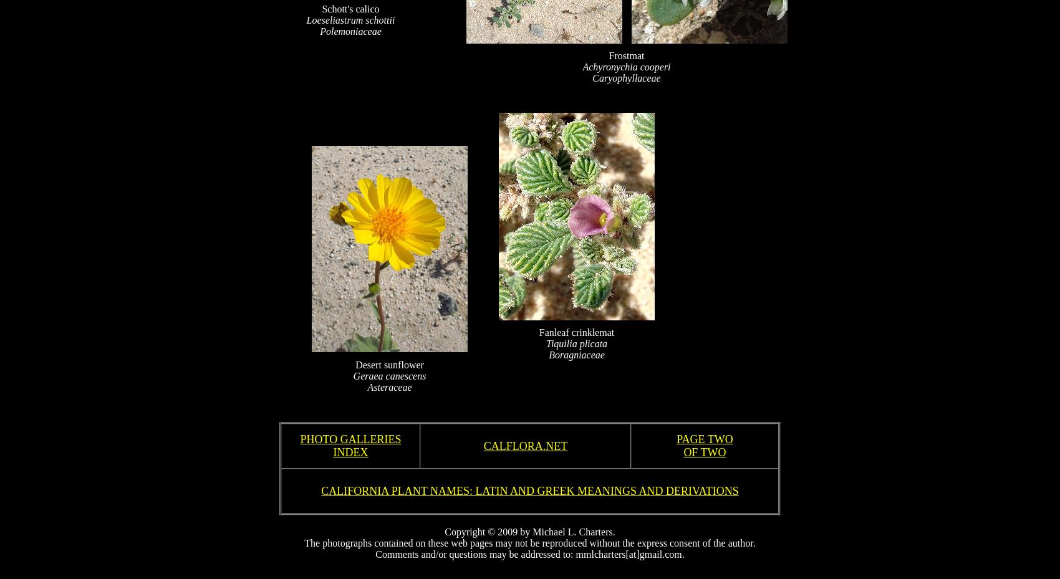 The width and height of the screenshot is (1060, 579). I want to click on 'Boragniaceae', so click(576, 353).